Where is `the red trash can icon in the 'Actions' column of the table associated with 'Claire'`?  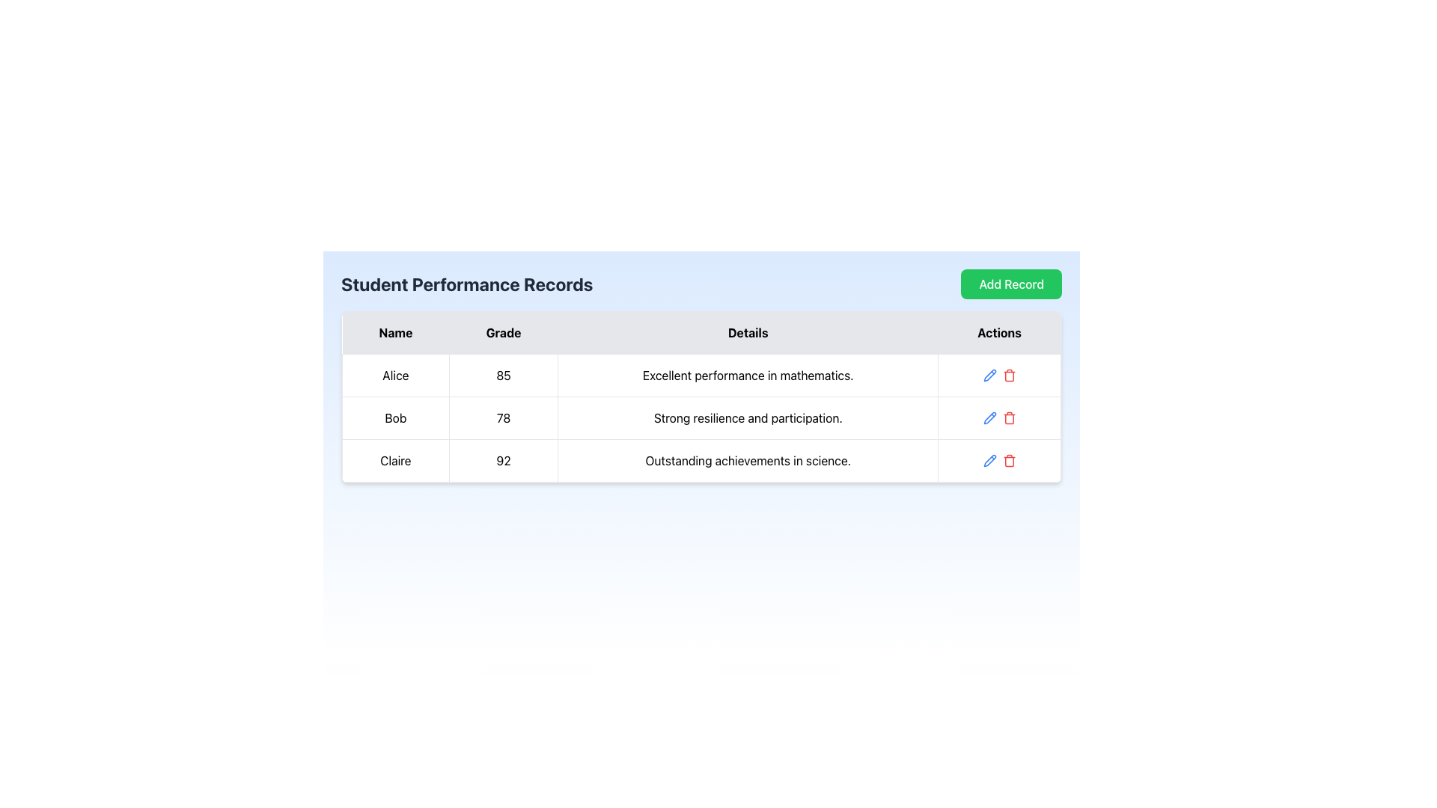 the red trash can icon in the 'Actions' column of the table associated with 'Claire' is located at coordinates (1009, 460).